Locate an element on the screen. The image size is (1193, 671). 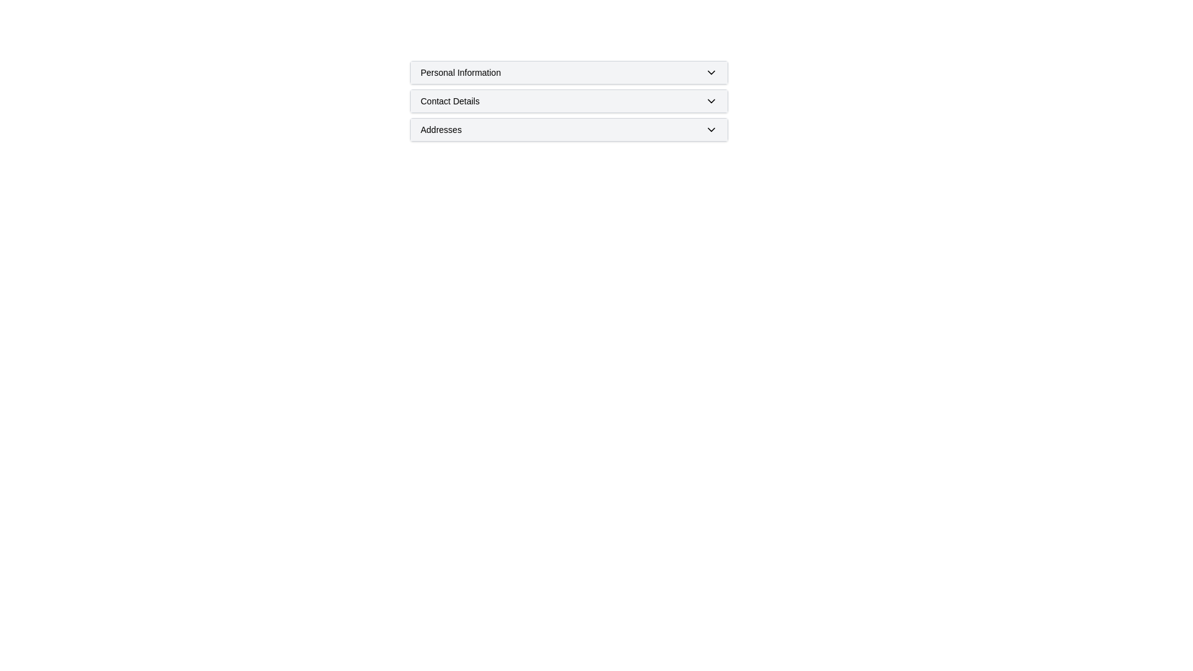
the collapsible header labeled 'Contact Details' to navigate through keyboard controls is located at coordinates (569, 100).